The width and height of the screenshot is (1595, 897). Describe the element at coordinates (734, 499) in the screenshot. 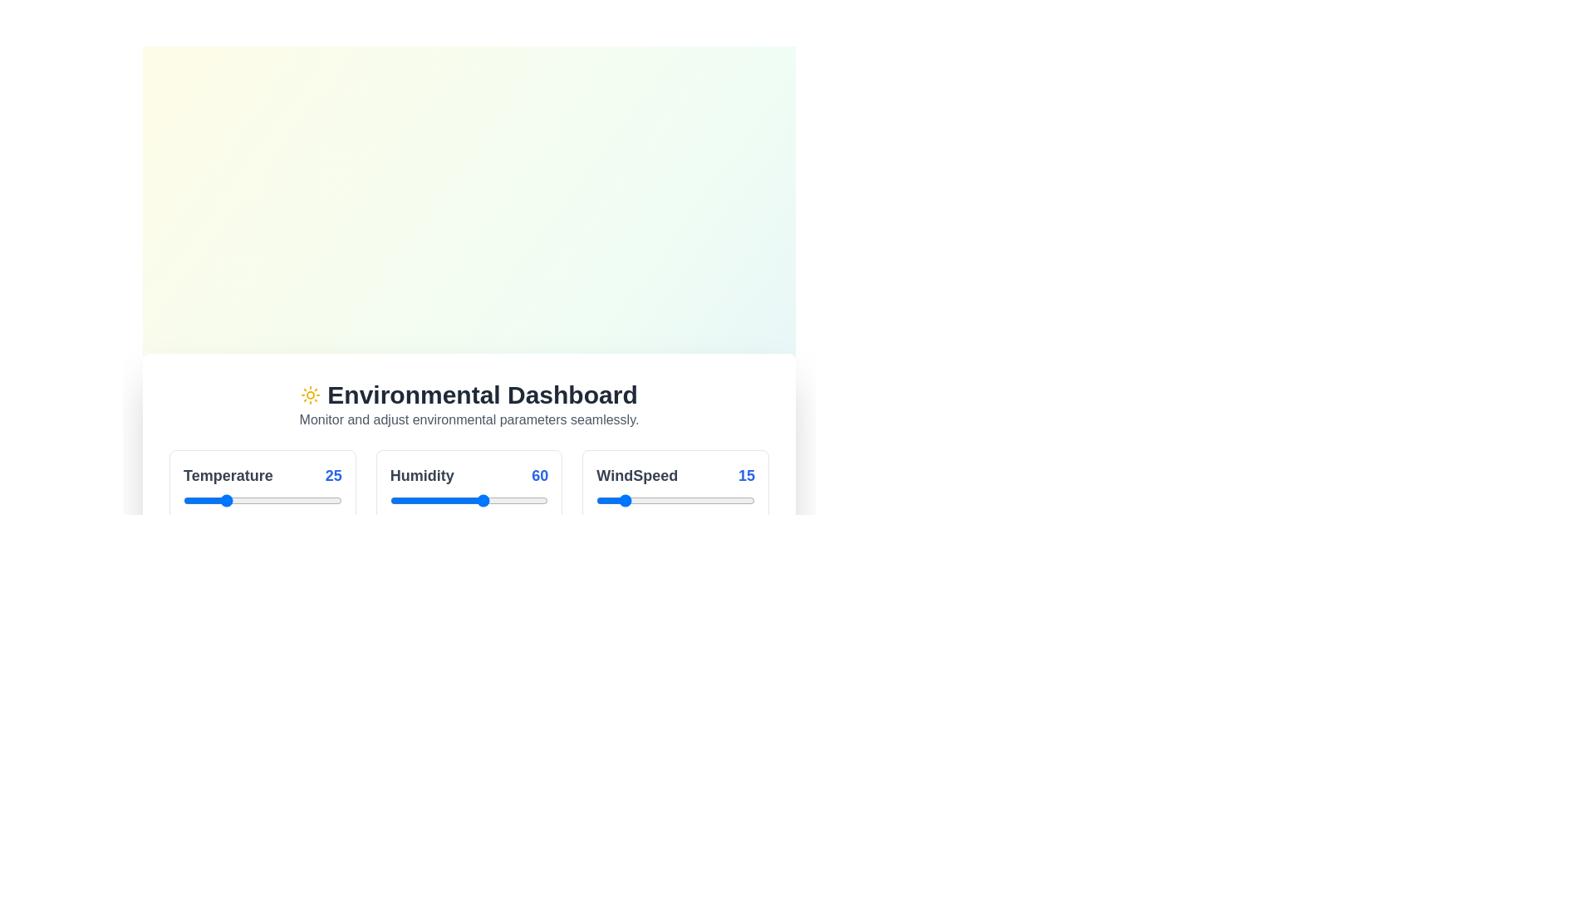

I see `the Wind Speed slider` at that location.